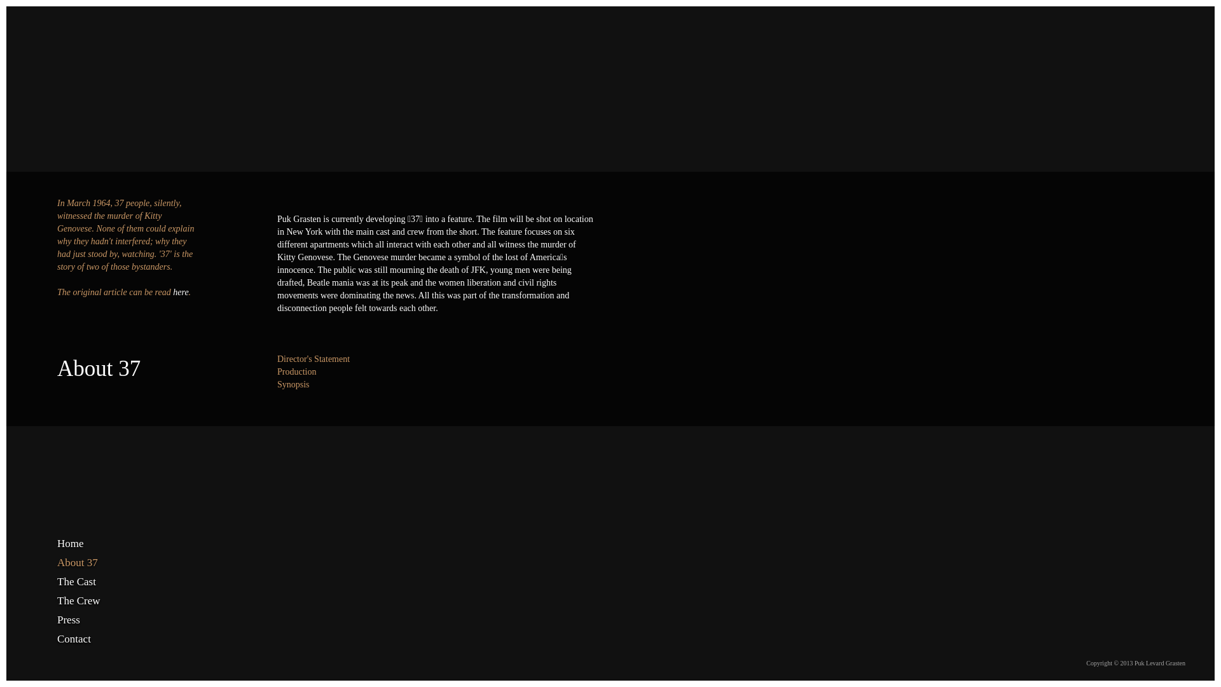 This screenshot has height=687, width=1221. What do you see at coordinates (57, 581) in the screenshot?
I see `'The Cast'` at bounding box center [57, 581].